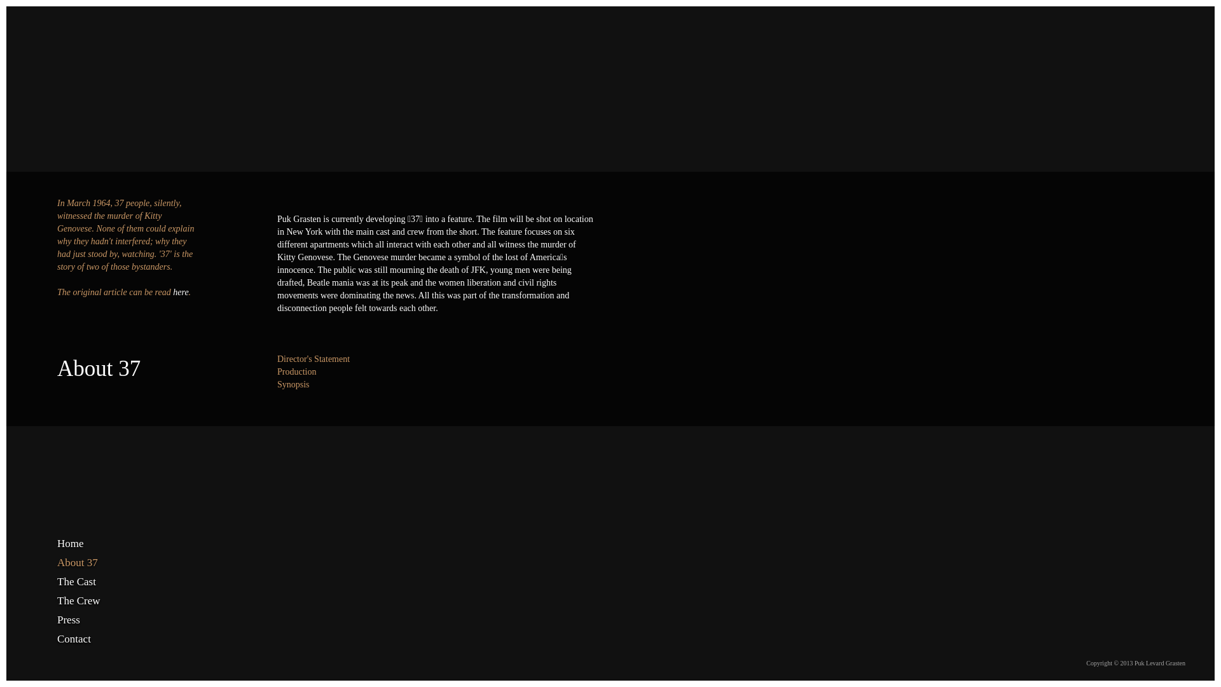 This screenshot has height=687, width=1221. What do you see at coordinates (57, 581) in the screenshot?
I see `'The Cast'` at bounding box center [57, 581].